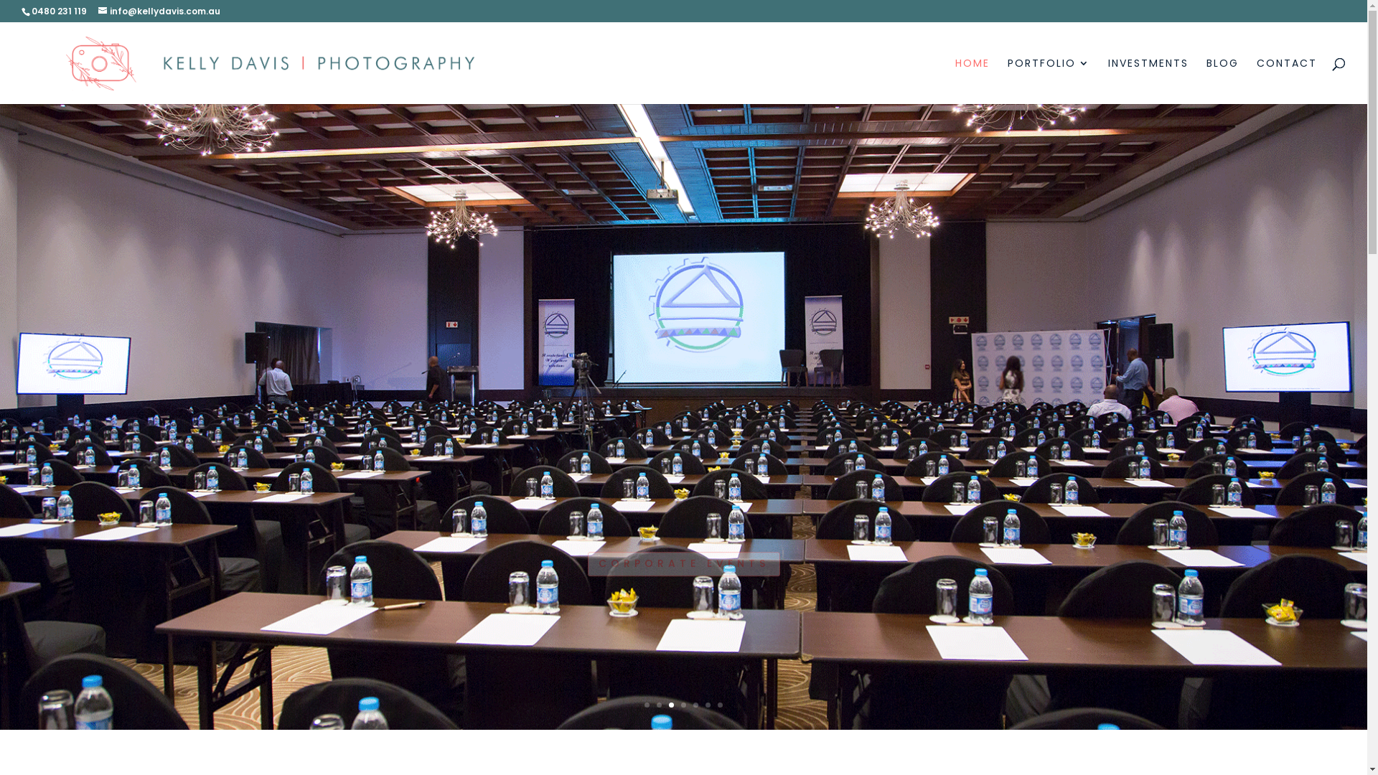  I want to click on 'CONTACT', so click(1287, 80).